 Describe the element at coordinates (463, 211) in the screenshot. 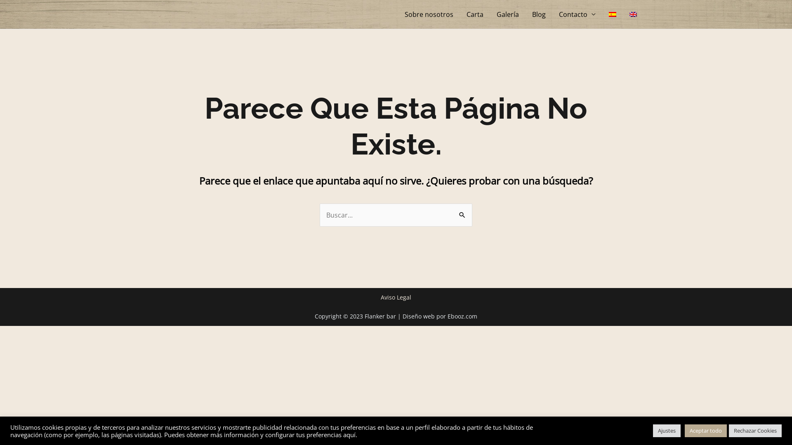

I see `'Buscar'` at that location.